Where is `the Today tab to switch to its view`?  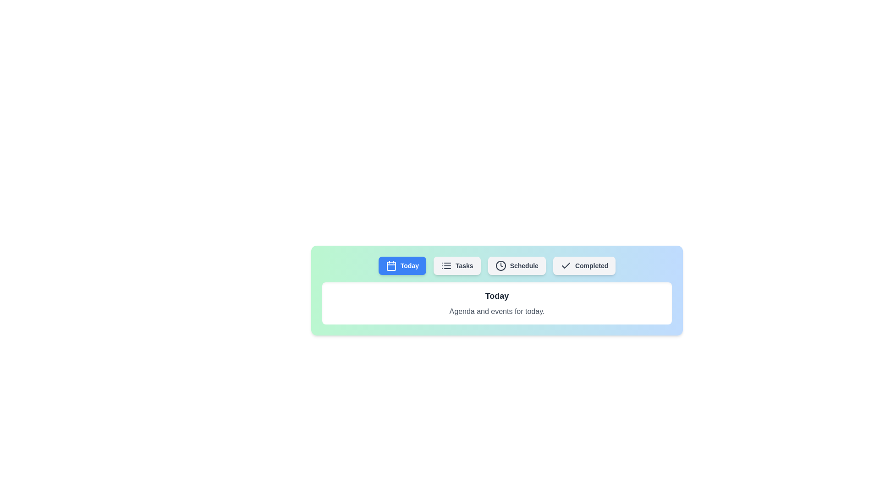
the Today tab to switch to its view is located at coordinates (402, 265).